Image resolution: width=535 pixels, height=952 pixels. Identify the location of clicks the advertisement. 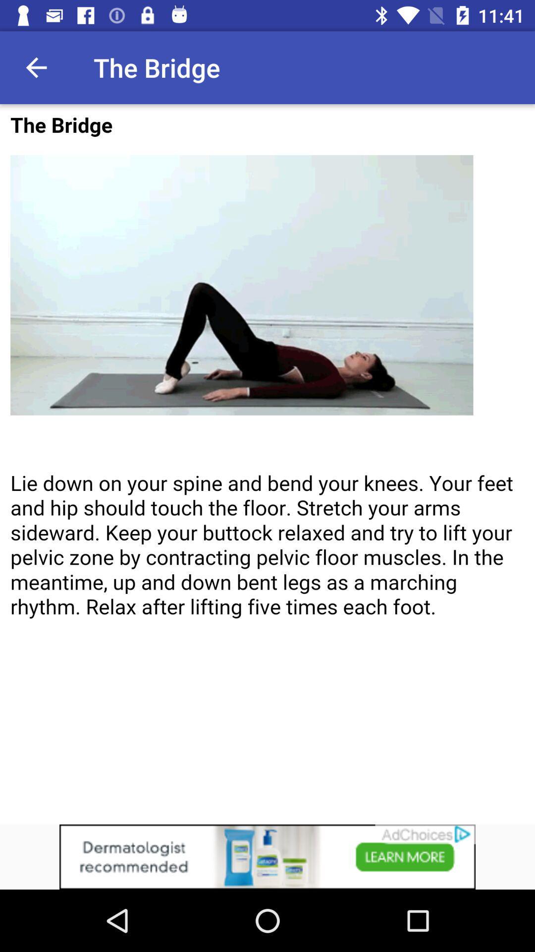
(267, 856).